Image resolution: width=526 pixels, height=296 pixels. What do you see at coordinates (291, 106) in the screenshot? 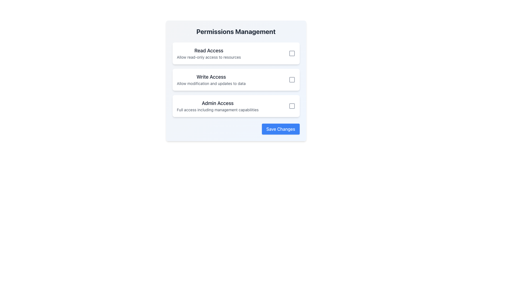
I see `the interactive toggle icon for 'Admin Access'` at bounding box center [291, 106].